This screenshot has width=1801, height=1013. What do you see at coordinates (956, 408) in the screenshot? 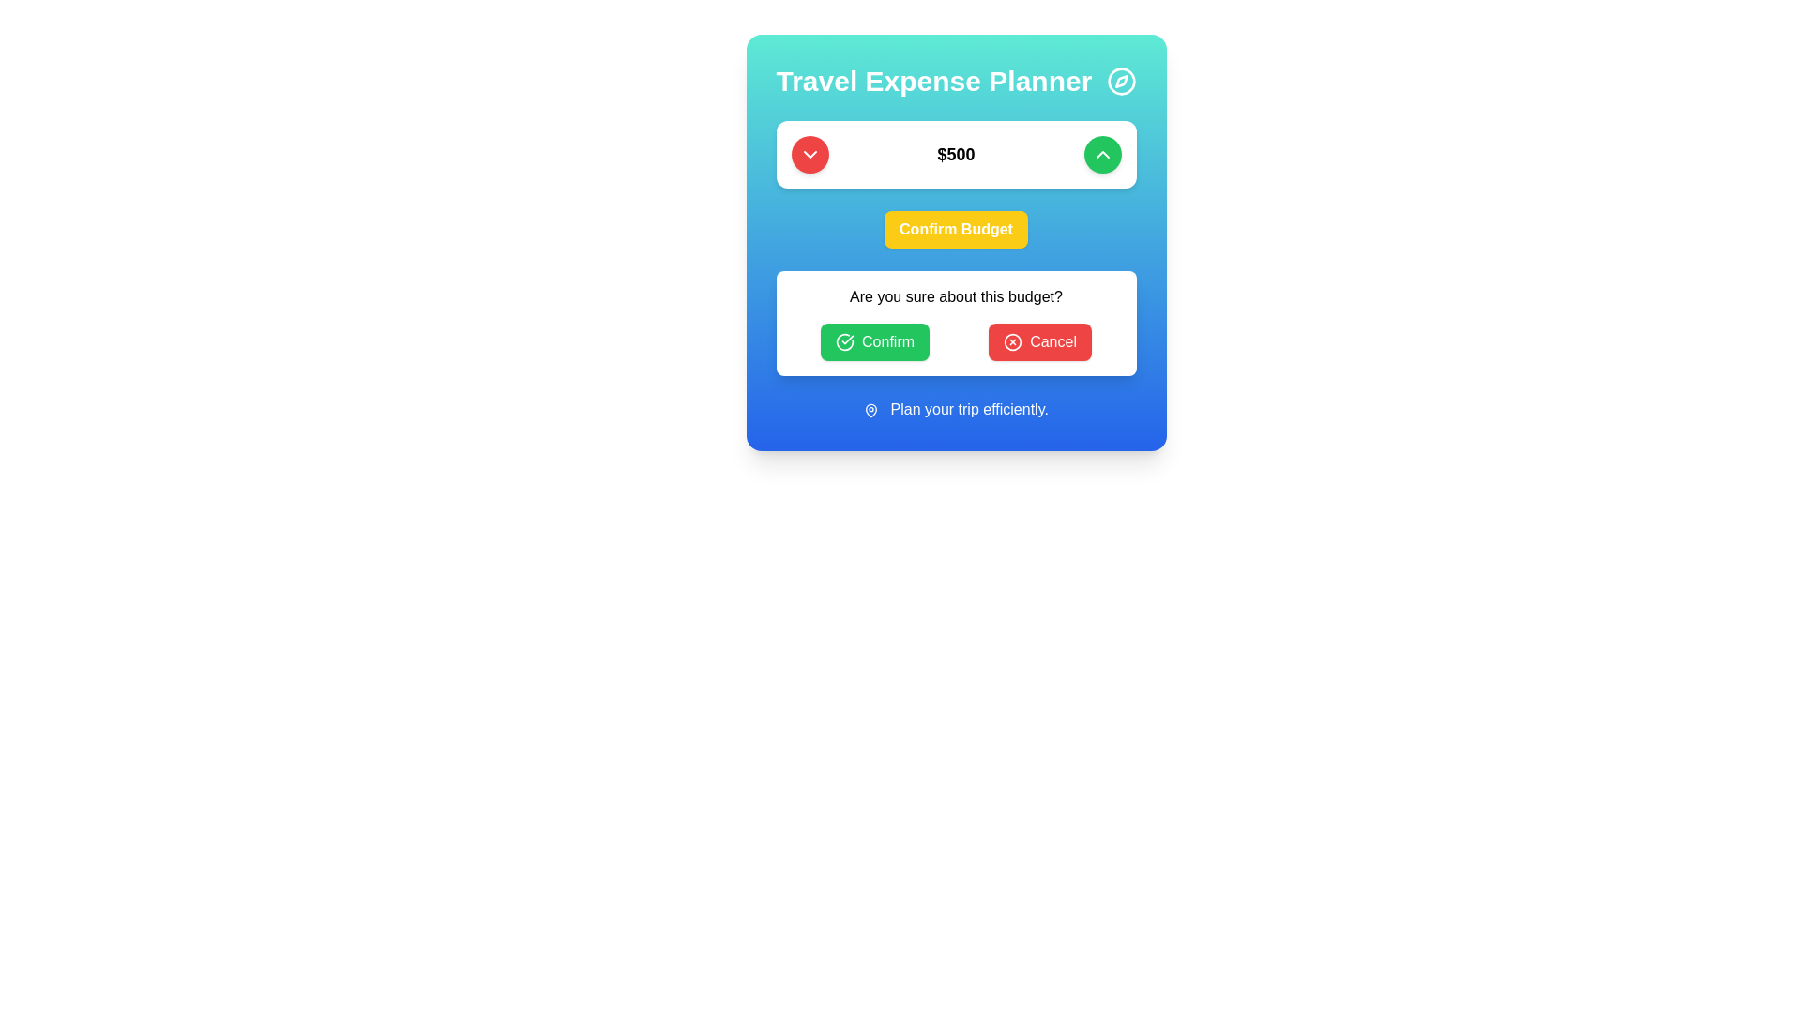
I see `informational text with an icon located at the bottom of the card interface` at bounding box center [956, 408].